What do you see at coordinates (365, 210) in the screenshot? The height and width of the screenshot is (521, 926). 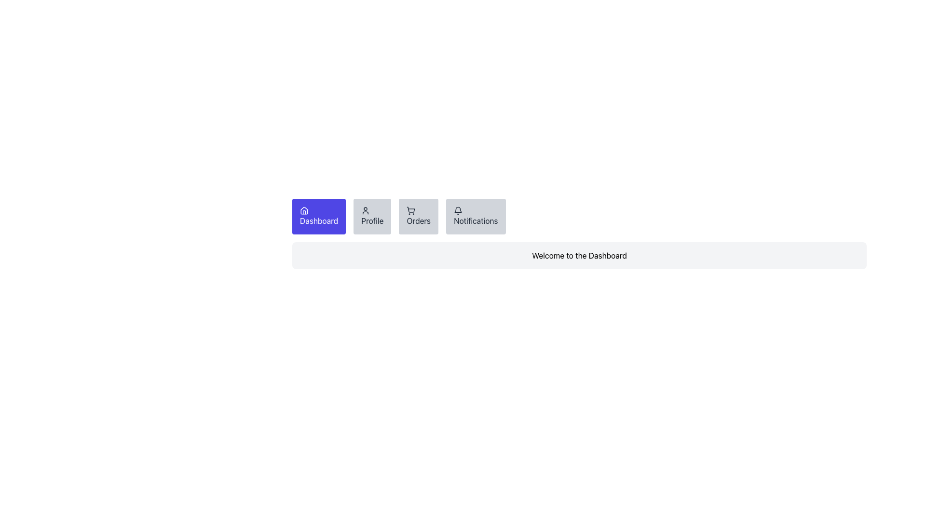 I see `the 'Profile' button, which contains a dark gray user icon with a circular head and simplified body outline` at bounding box center [365, 210].